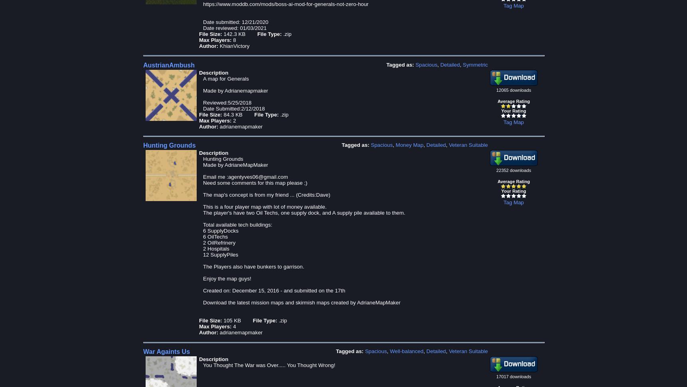 The image size is (687, 387). Describe the element at coordinates (255, 182) in the screenshot. I see `'Need some comments for this map please ;)'` at that location.